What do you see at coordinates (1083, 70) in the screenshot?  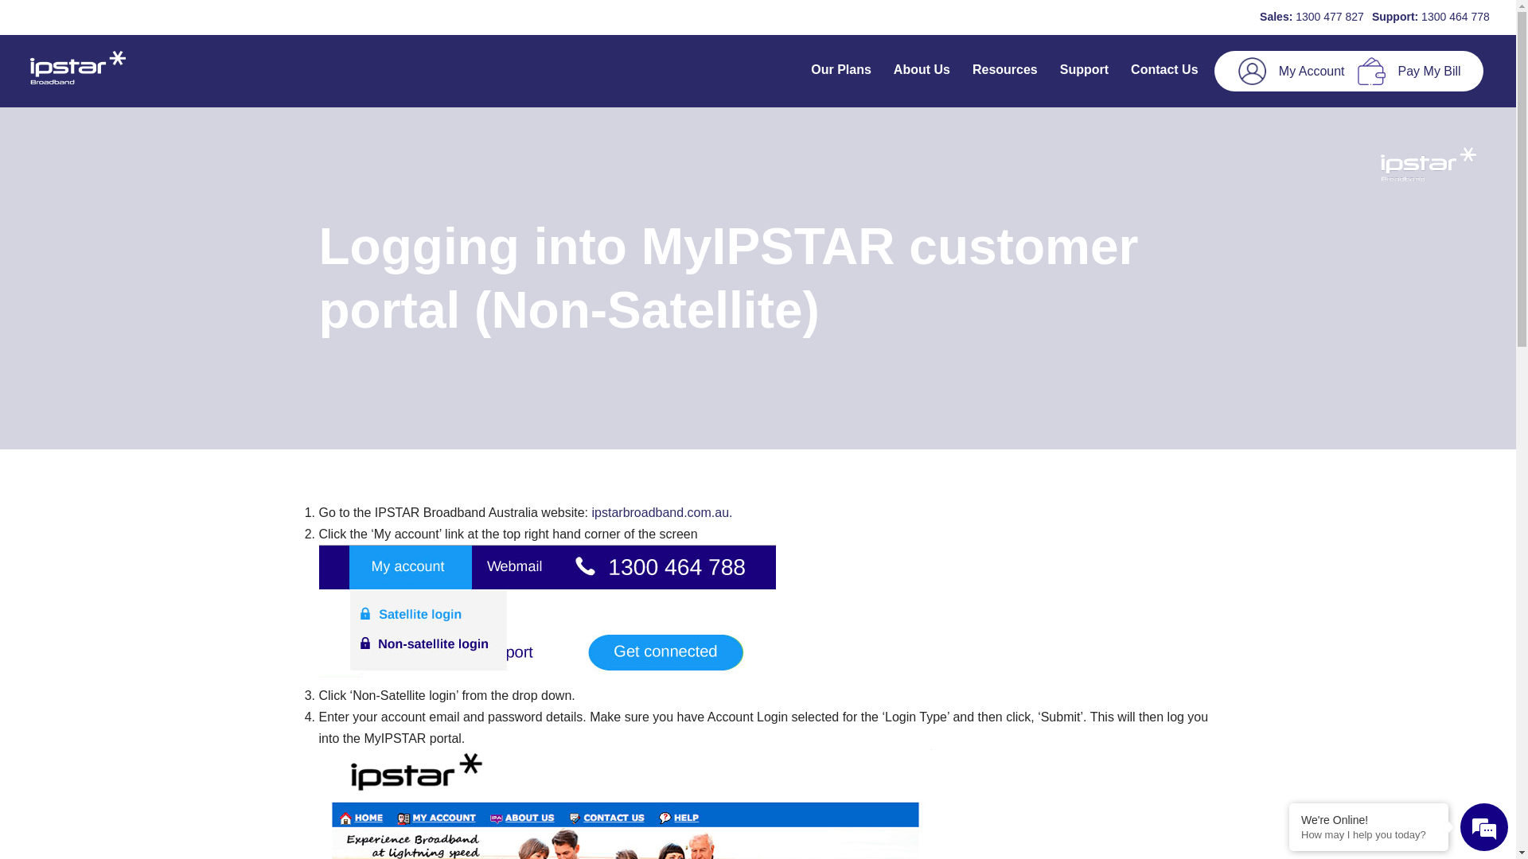 I see `'Support'` at bounding box center [1083, 70].